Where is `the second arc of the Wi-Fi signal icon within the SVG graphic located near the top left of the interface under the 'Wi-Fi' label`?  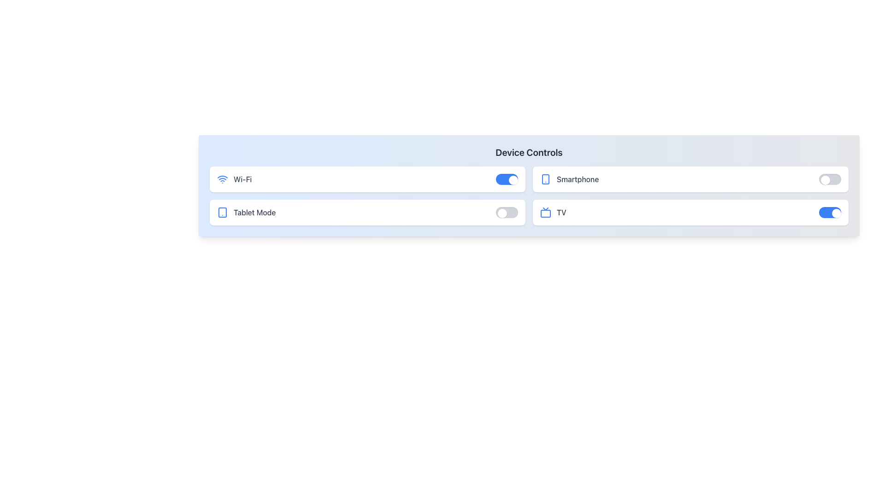
the second arc of the Wi-Fi signal icon within the SVG graphic located near the top left of the interface under the 'Wi-Fi' label is located at coordinates (223, 176).